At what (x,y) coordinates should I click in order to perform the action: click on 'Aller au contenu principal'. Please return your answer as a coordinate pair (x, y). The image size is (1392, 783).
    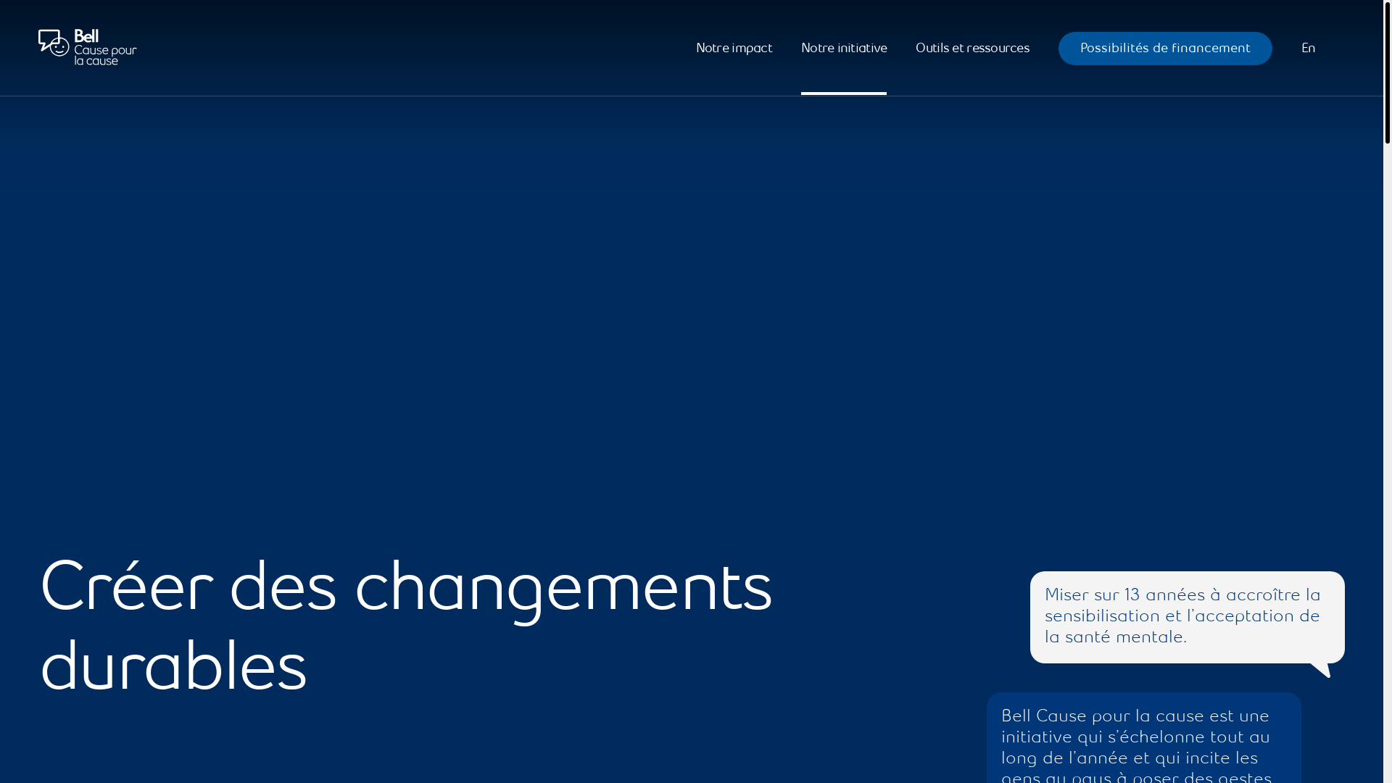
    Looking at the image, I should click on (49, 59).